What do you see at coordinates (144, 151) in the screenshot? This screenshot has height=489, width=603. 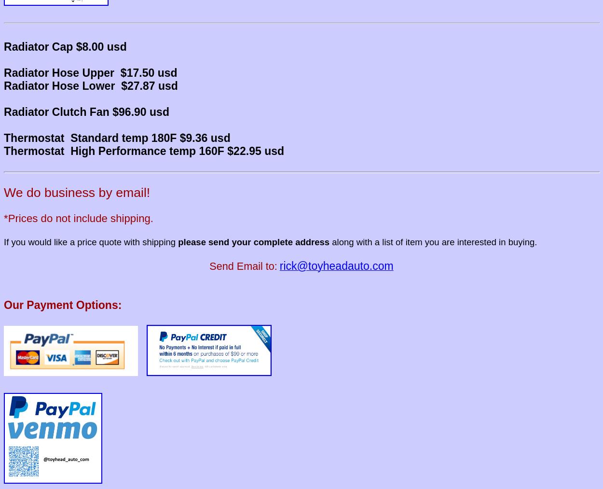 I see `'Thermostat  High Performance temp 160F $22.95 usd'` at bounding box center [144, 151].